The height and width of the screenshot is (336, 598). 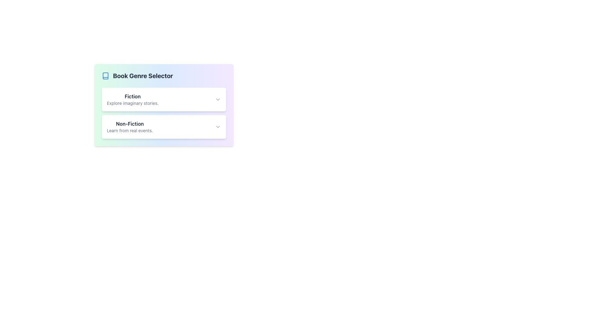 I want to click on the selectable list item representing the 'Fiction' genre in the 'Book Genre Selector' section, so click(x=132, y=99).